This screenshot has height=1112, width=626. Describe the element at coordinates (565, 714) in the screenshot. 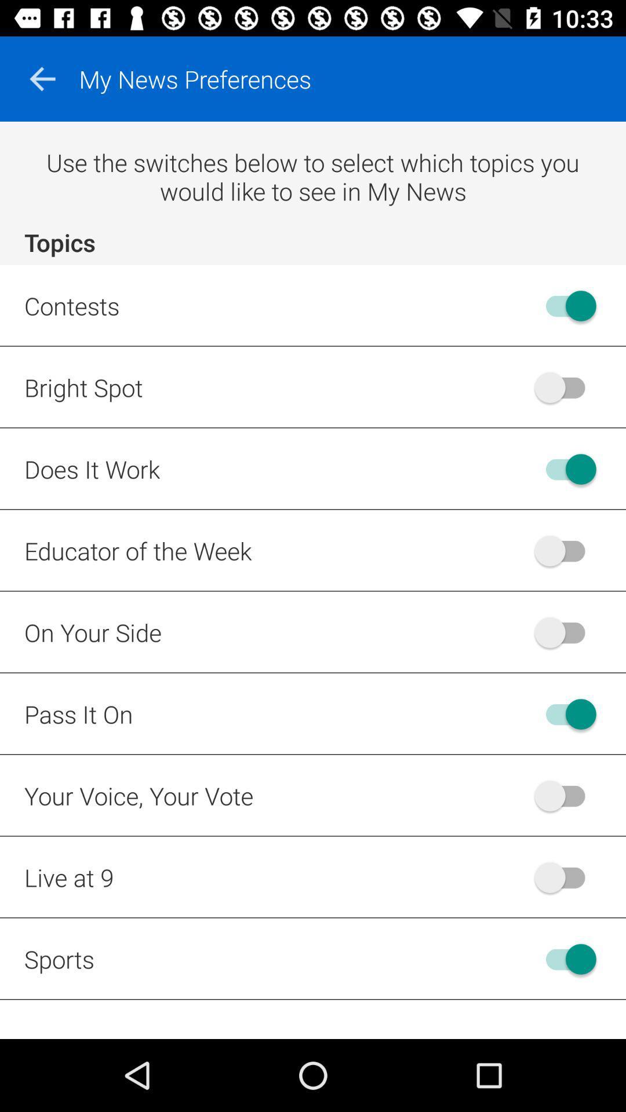

I see `pass it on` at that location.